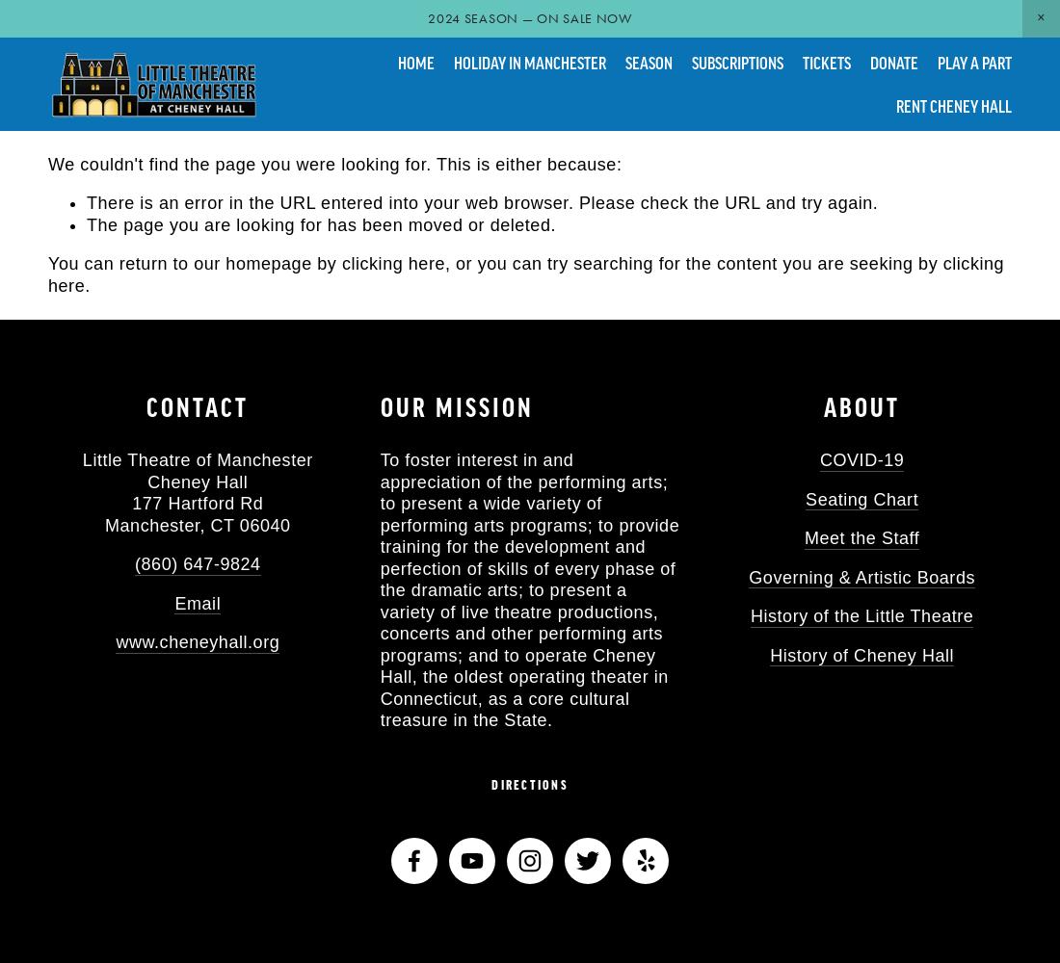 Image resolution: width=1060 pixels, height=963 pixels. Describe the element at coordinates (861, 406) in the screenshot. I see `'About'` at that location.